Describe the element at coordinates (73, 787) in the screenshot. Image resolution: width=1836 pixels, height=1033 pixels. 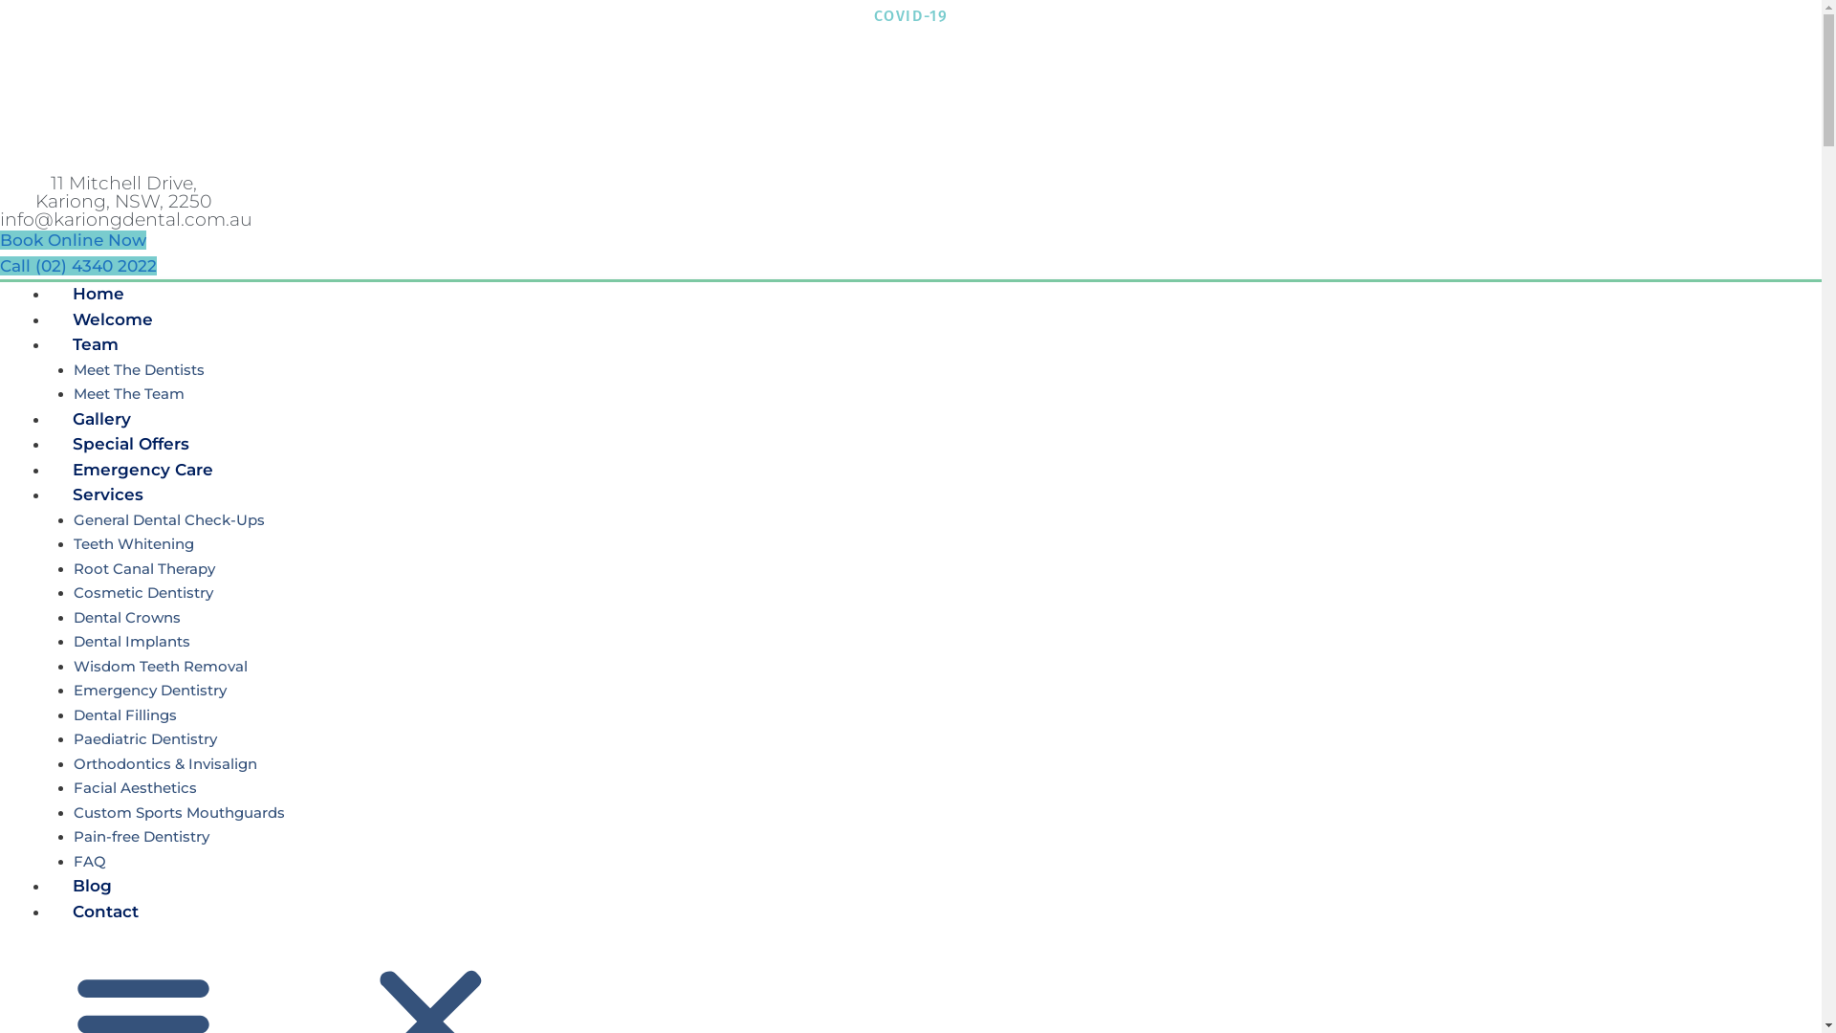
I see `'Facial Aesthetics'` at that location.